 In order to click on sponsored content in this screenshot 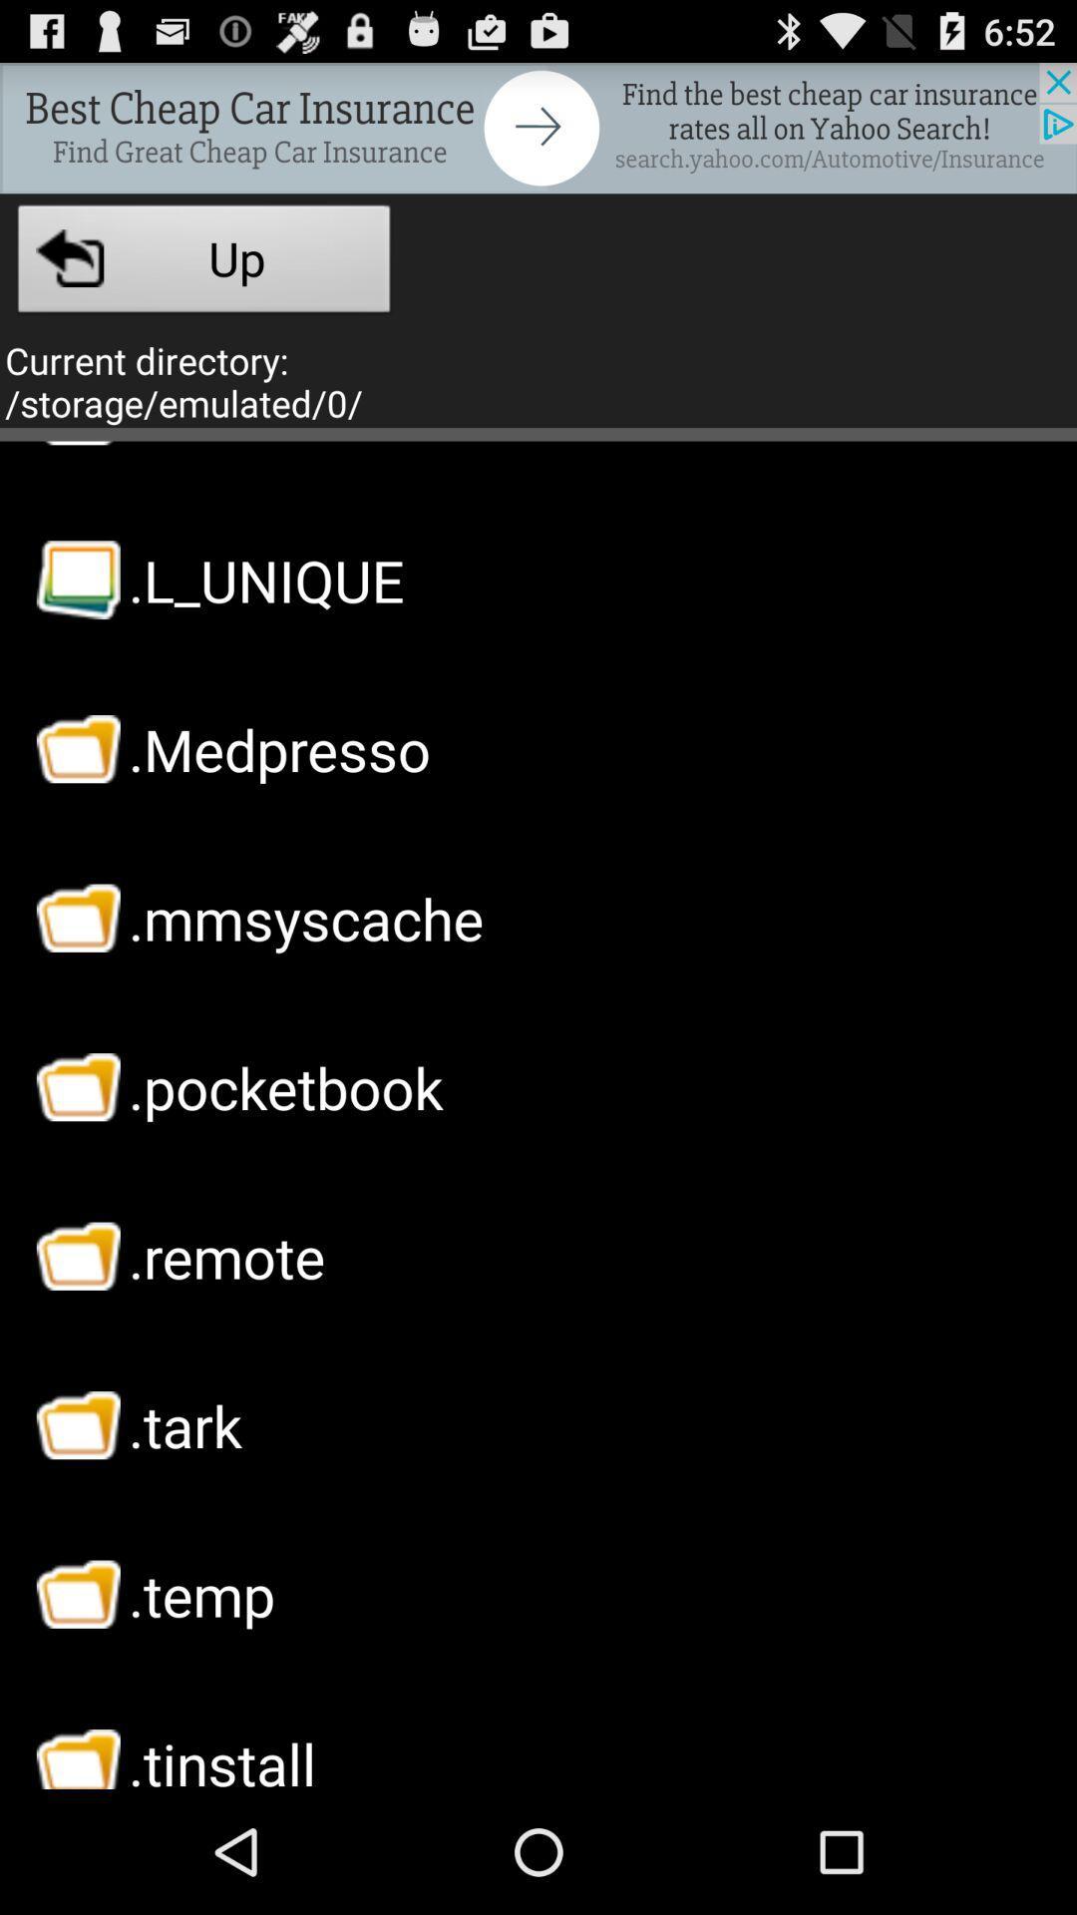, I will do `click(538, 127)`.